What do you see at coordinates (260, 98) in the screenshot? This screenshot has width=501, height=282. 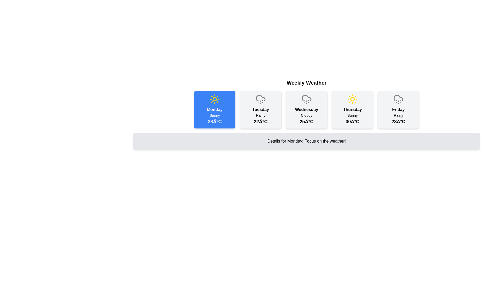 I see `the weather icon indicating rain for Tuesday, located at the top-center of the second card labeled 'Tuesday Rainy 22°C'` at bounding box center [260, 98].